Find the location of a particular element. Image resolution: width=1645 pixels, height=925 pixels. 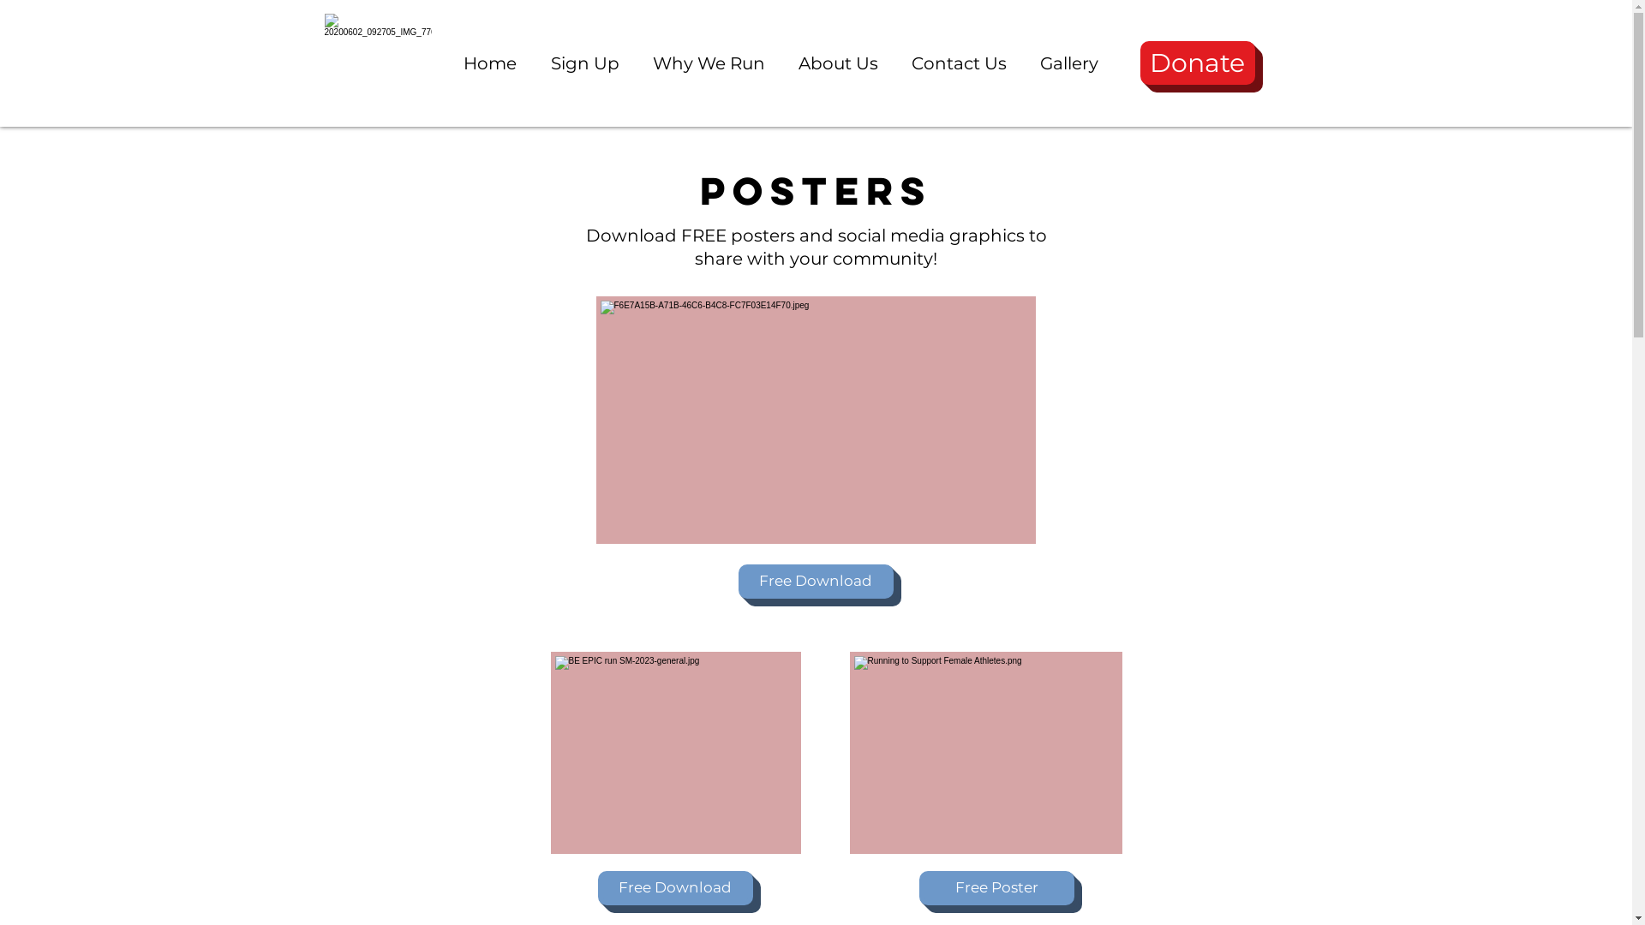

'Free Poster' is located at coordinates (996, 887).